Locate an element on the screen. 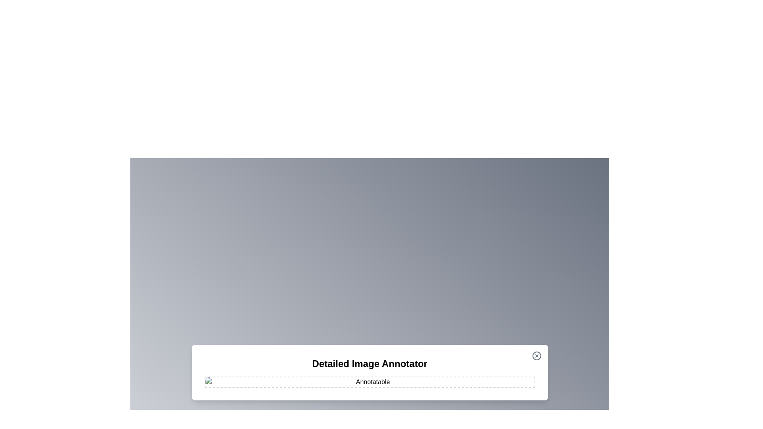 This screenshot has height=429, width=763. the image at coordinates (1144, 950) to add an annotation is located at coordinates (454, 377).